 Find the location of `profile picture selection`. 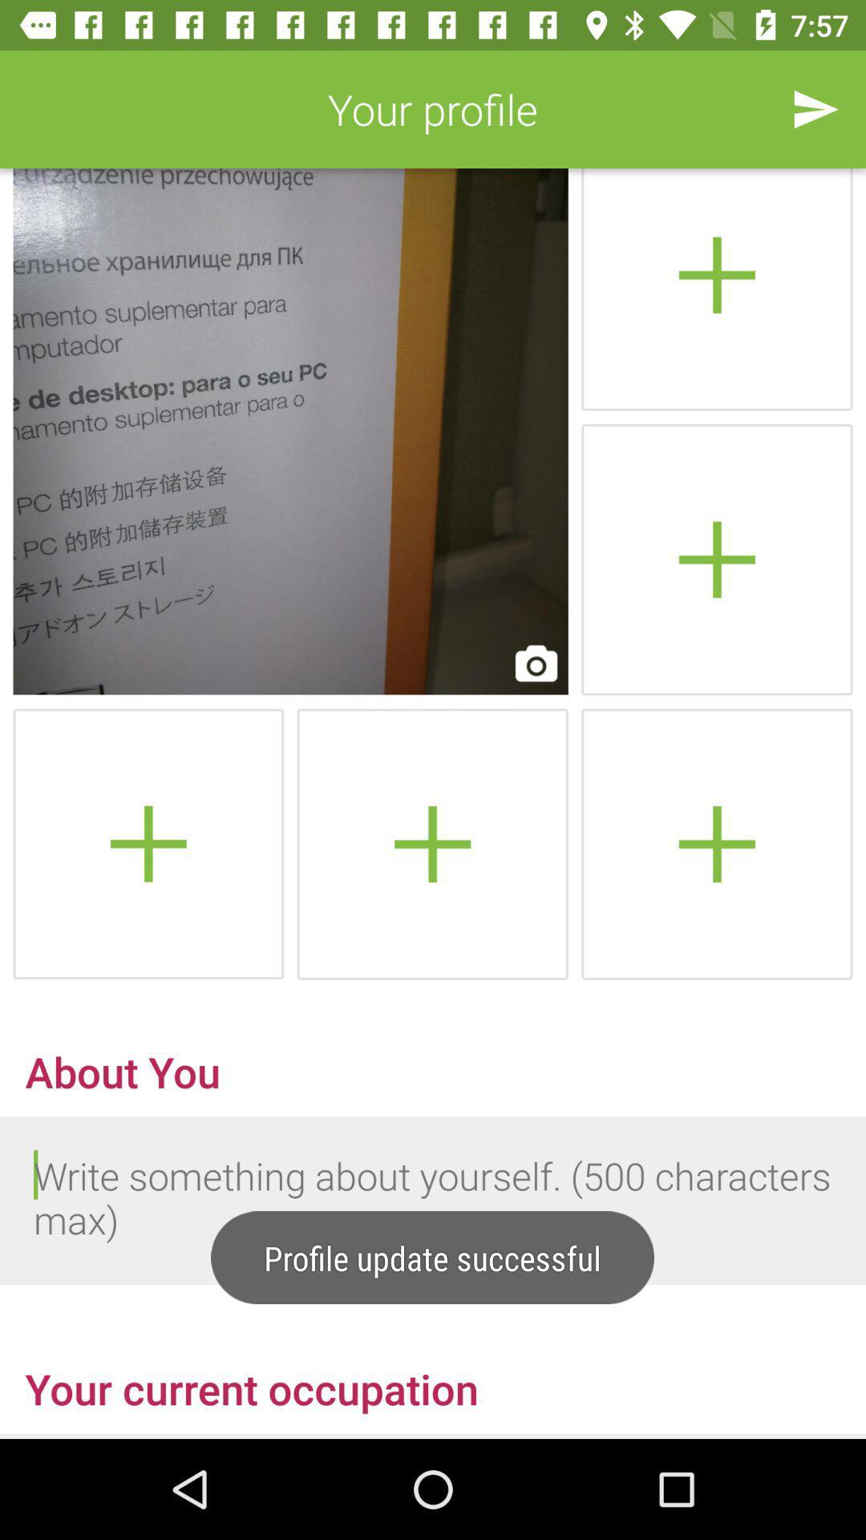

profile picture selection is located at coordinates (290, 432).